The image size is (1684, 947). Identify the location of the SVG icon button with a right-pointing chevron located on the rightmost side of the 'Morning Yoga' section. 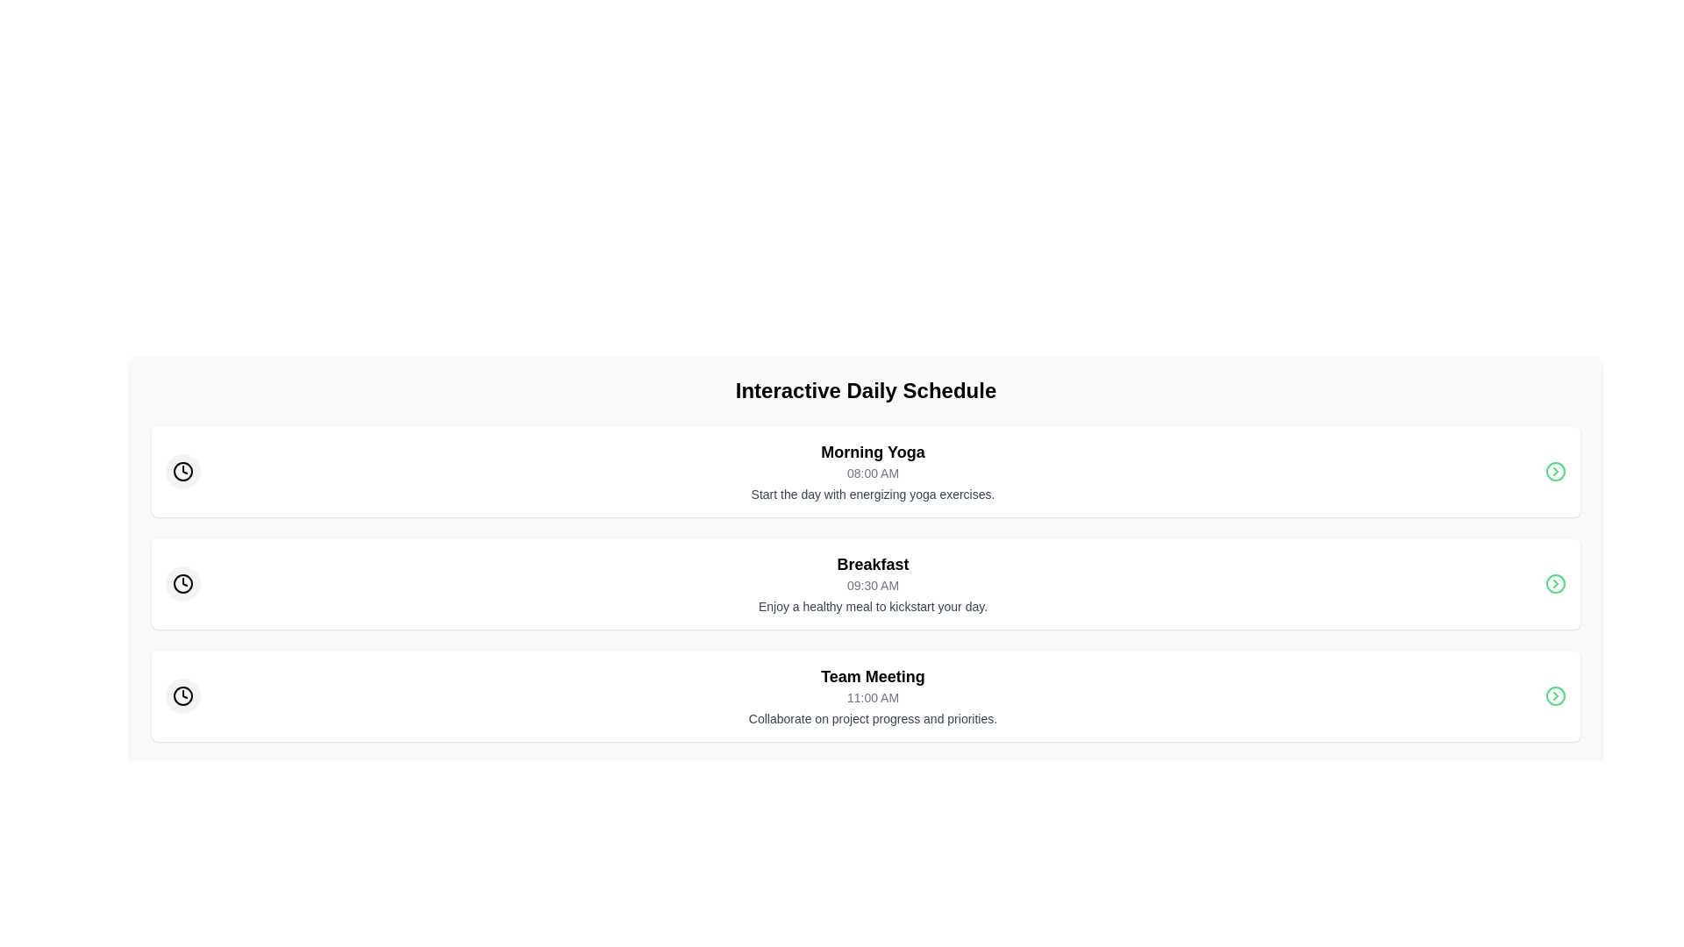
(1556, 470).